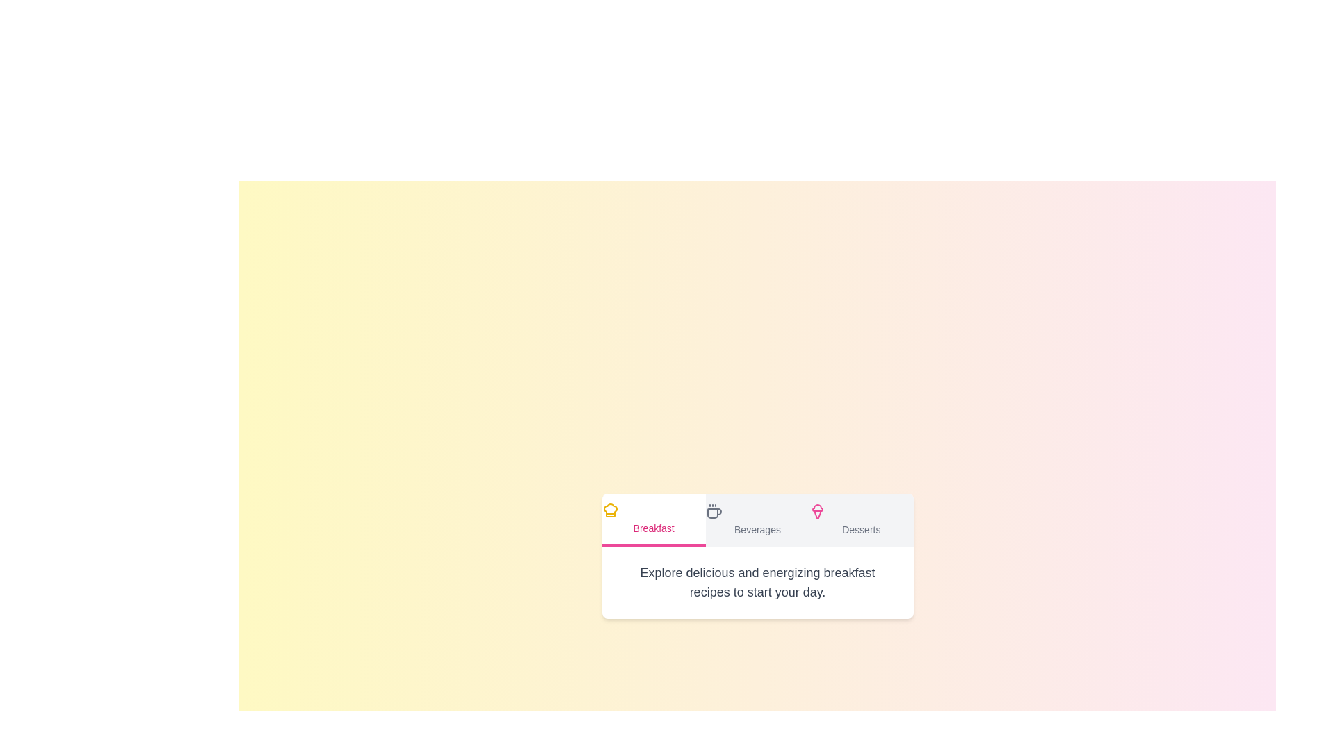 Image resolution: width=1334 pixels, height=750 pixels. I want to click on the tab labeled Desserts to display its content, so click(859, 519).